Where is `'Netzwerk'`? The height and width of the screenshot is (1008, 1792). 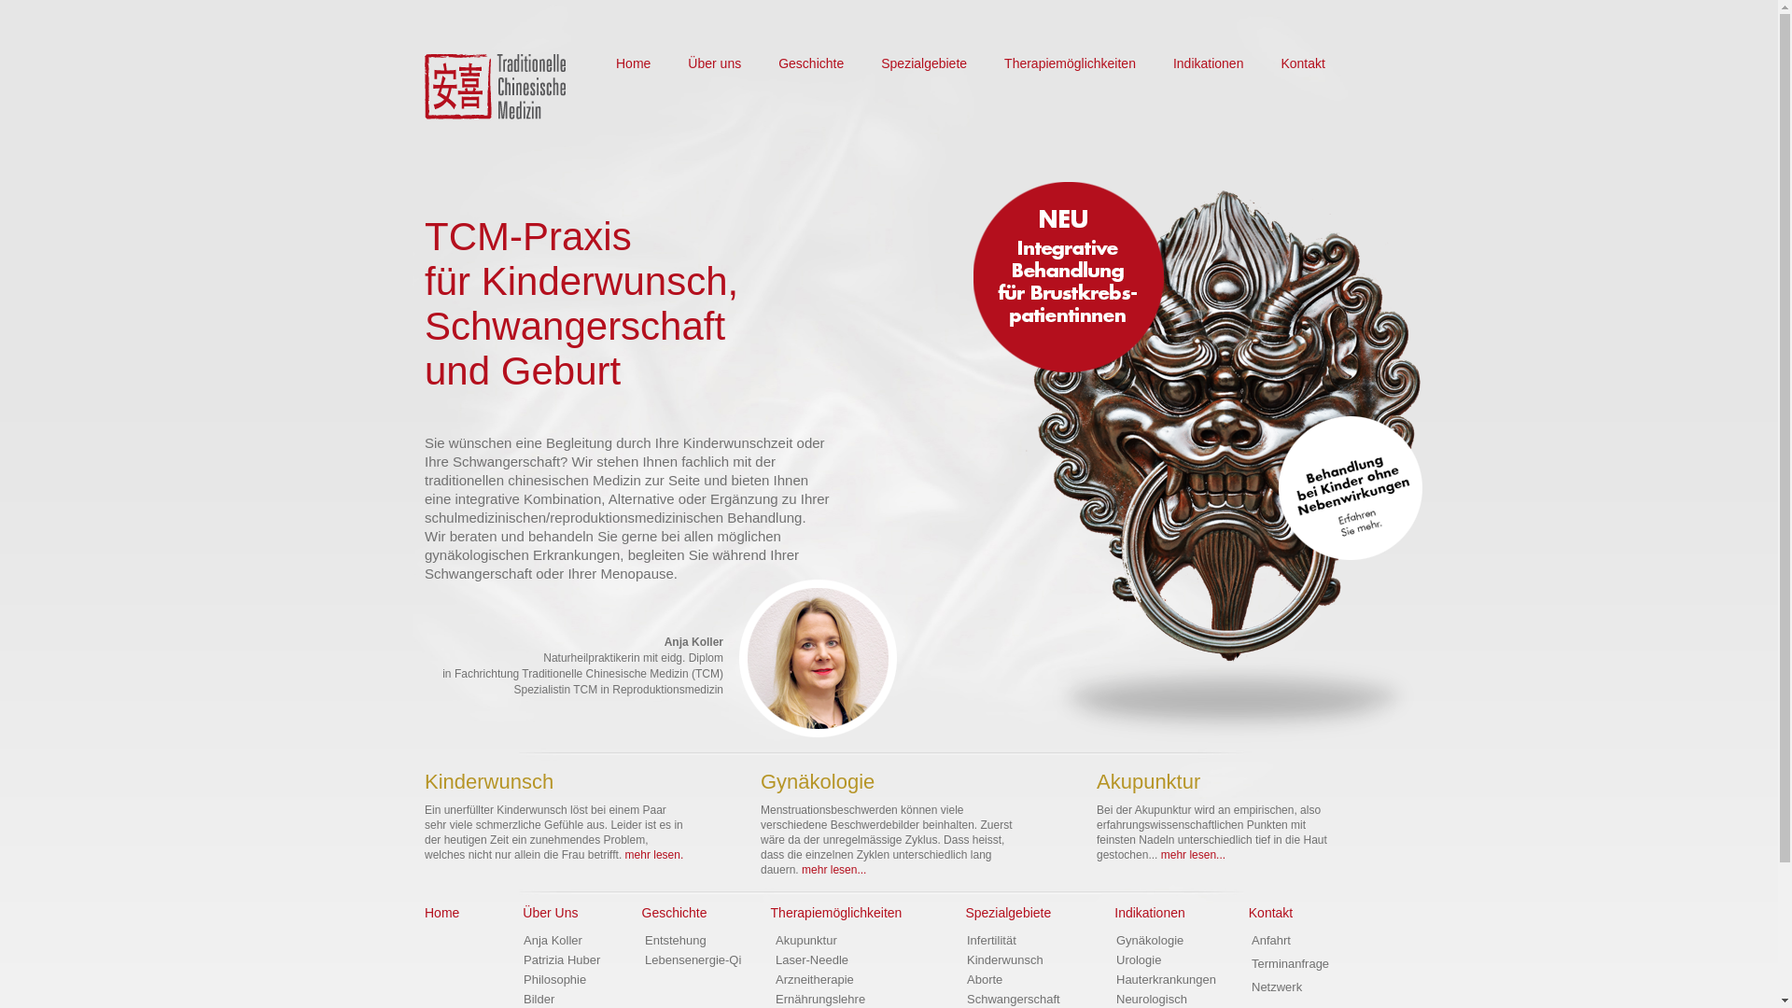
'Netzwerk' is located at coordinates (1276, 986).